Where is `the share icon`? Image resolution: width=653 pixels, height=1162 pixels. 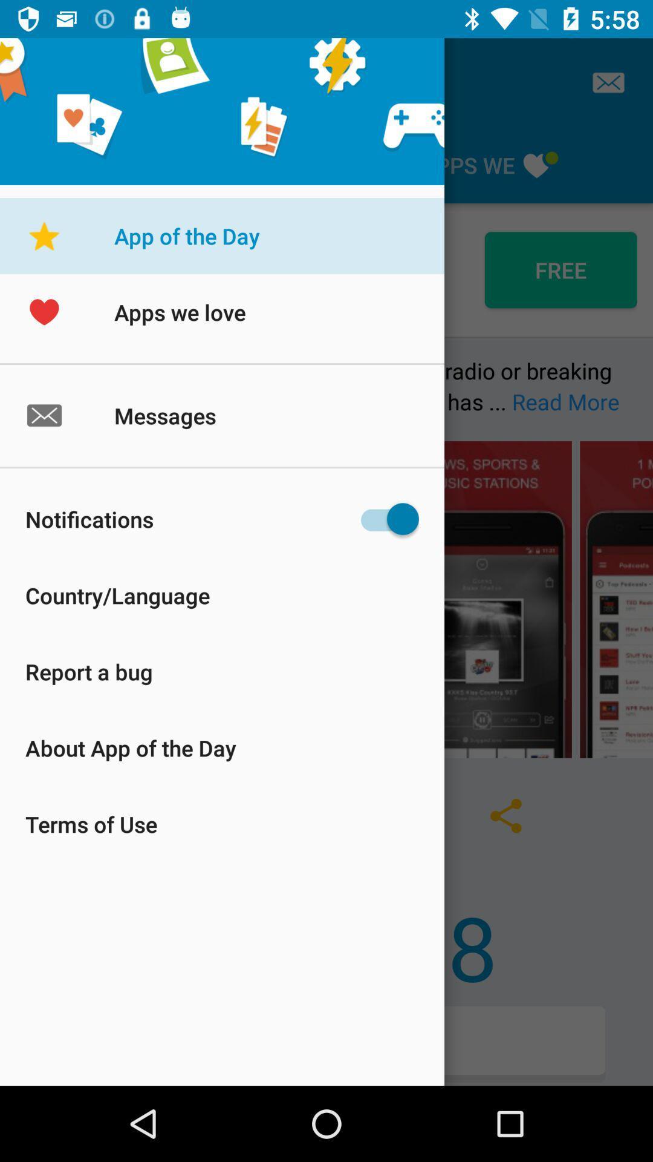 the share icon is located at coordinates (506, 816).